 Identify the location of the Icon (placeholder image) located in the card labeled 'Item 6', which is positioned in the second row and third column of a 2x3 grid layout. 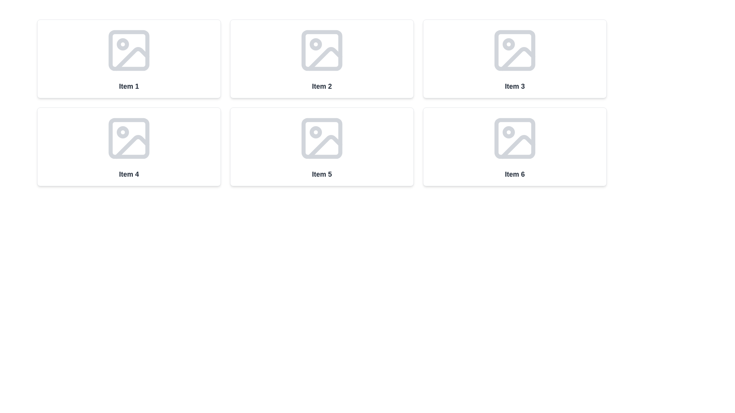
(514, 138).